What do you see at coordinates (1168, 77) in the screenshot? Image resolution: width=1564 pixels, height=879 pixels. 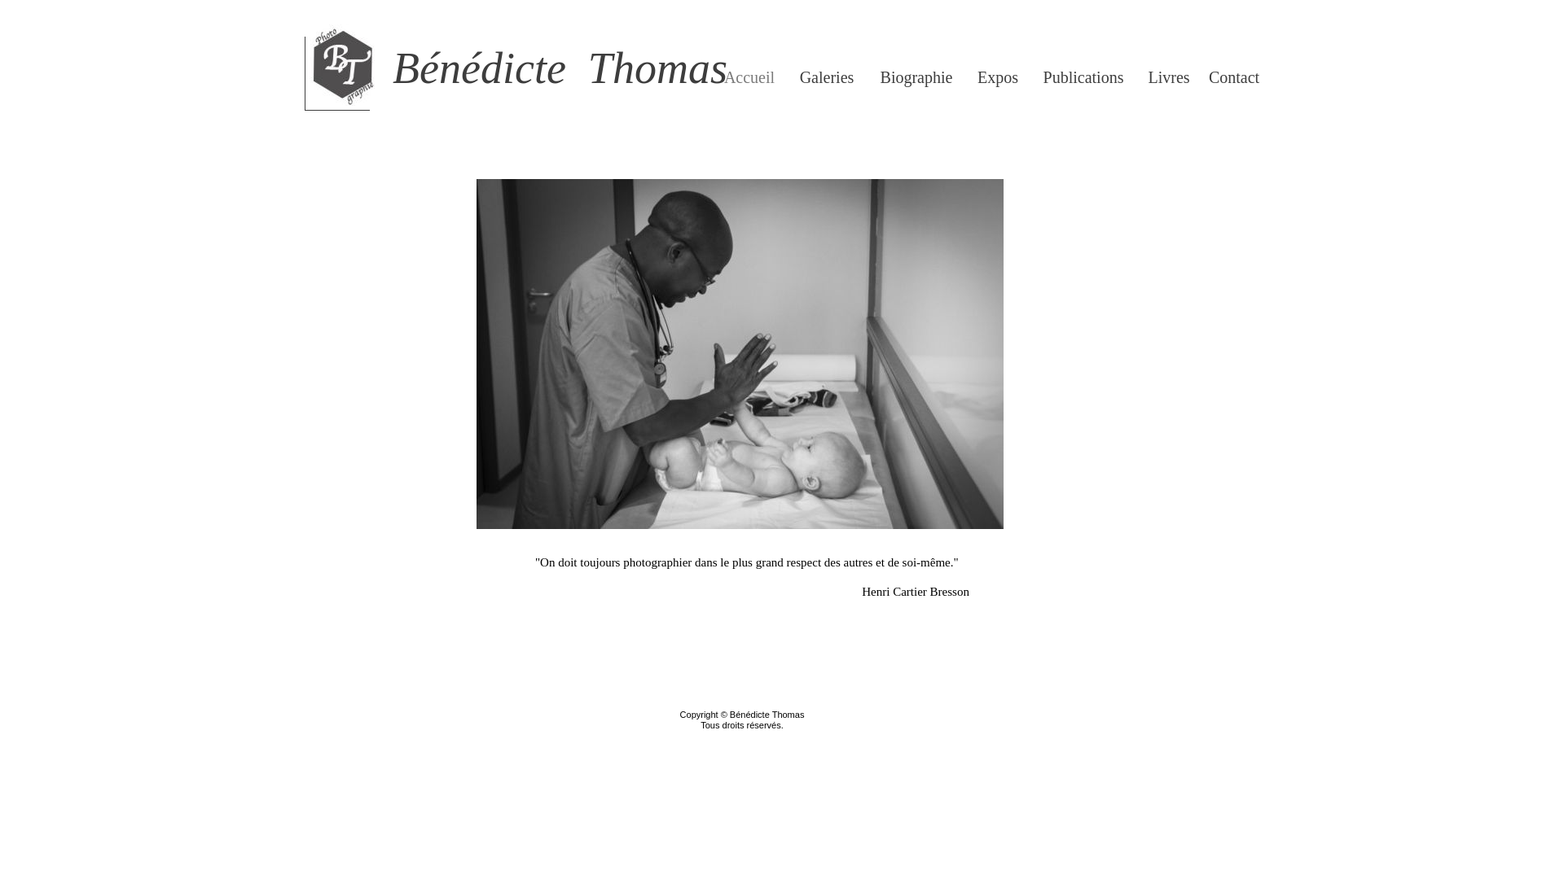 I see `'Livres'` at bounding box center [1168, 77].